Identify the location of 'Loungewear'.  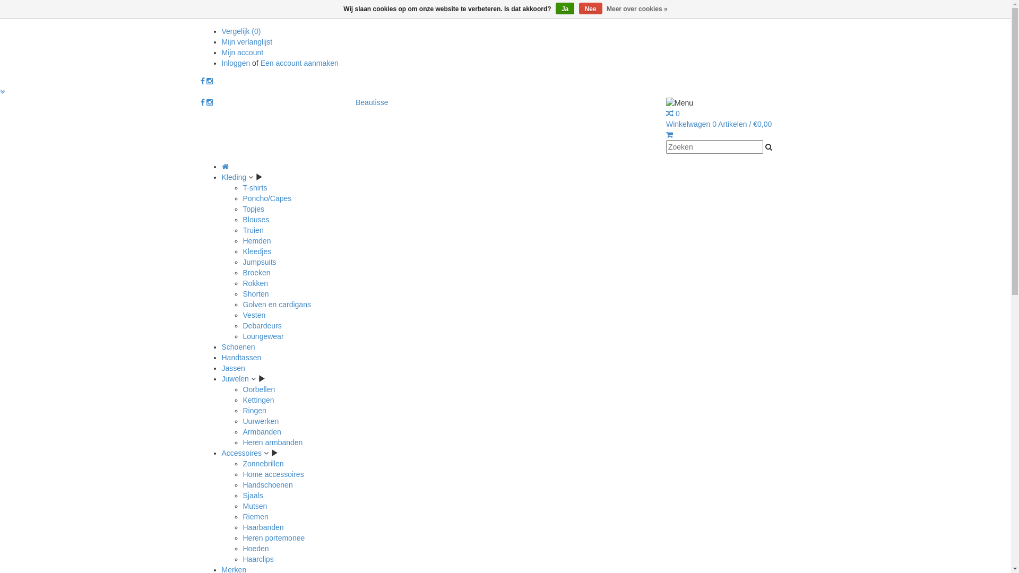
(263, 336).